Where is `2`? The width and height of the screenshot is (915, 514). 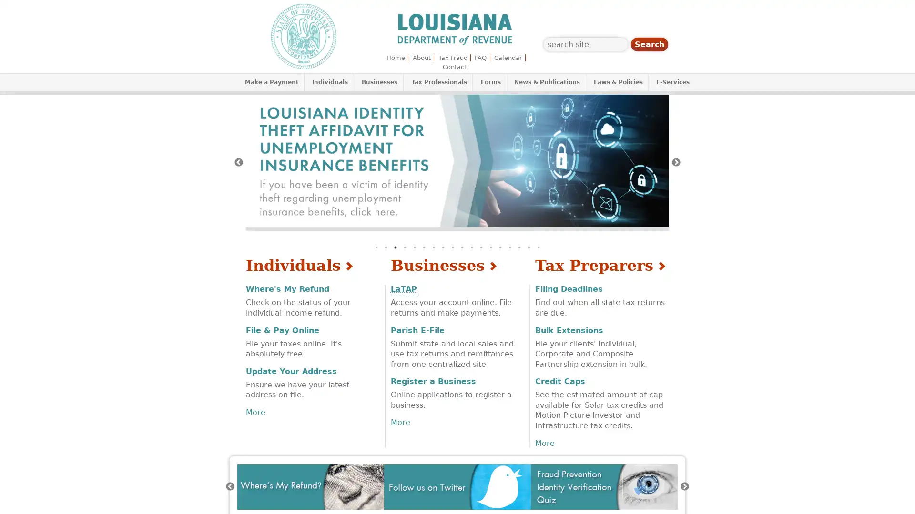 2 is located at coordinates (386, 247).